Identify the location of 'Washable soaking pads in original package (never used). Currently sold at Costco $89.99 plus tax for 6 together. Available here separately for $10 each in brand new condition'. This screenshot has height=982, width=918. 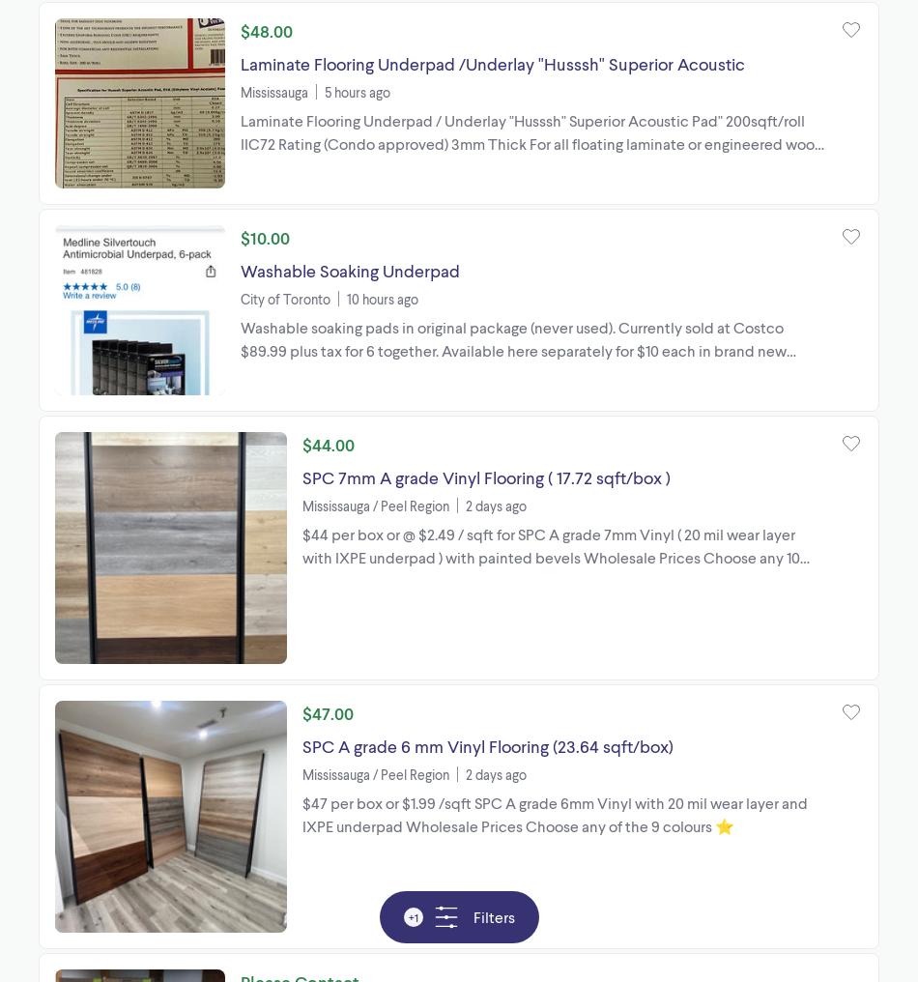
(239, 350).